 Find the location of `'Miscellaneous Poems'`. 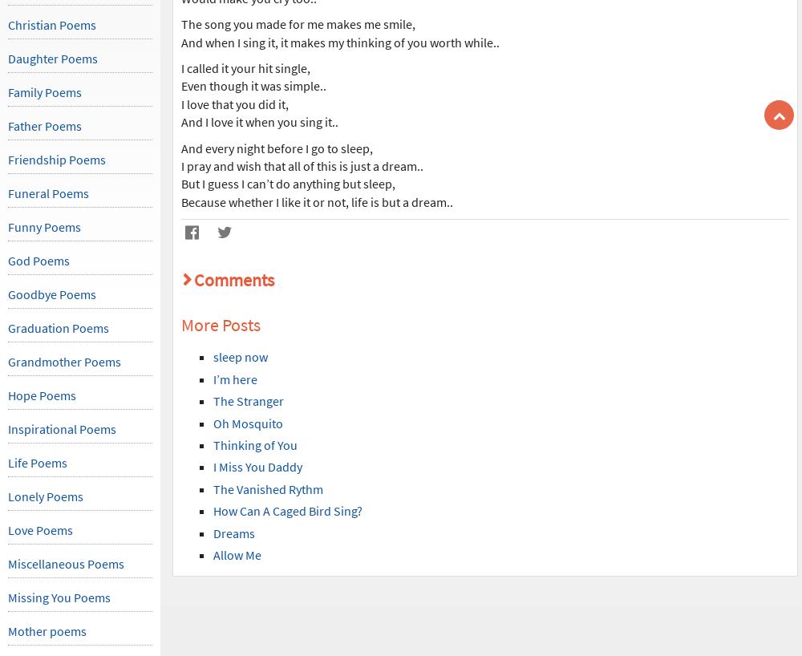

'Miscellaneous Poems' is located at coordinates (65, 562).